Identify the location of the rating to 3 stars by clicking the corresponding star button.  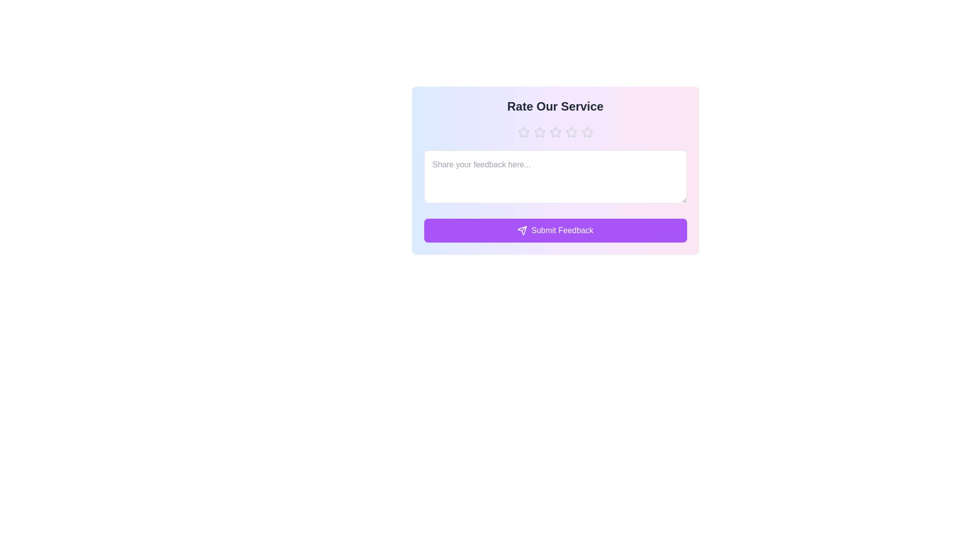
(555, 132).